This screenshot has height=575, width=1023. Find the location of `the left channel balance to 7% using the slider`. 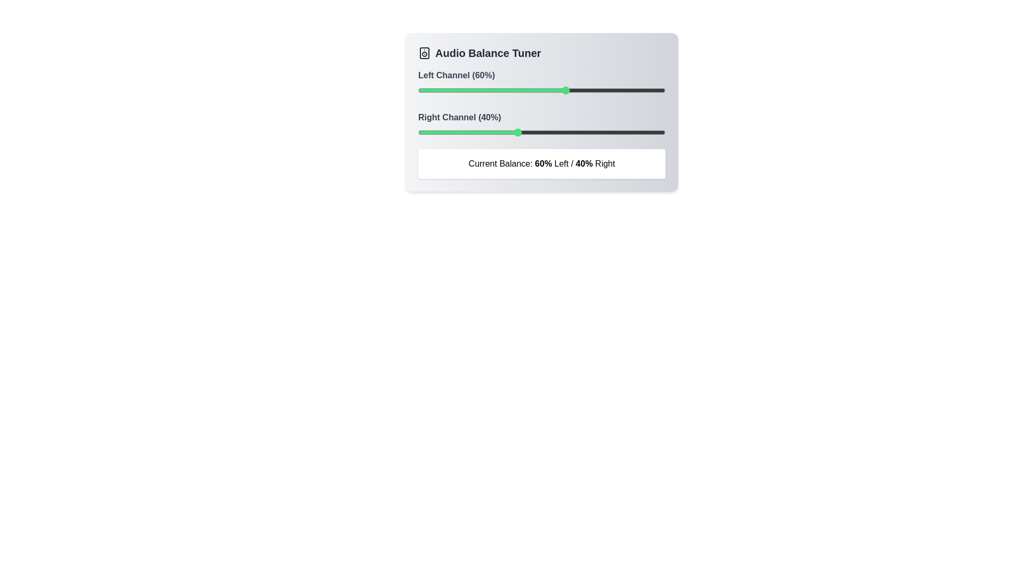

the left channel balance to 7% using the slider is located at coordinates (435, 89).